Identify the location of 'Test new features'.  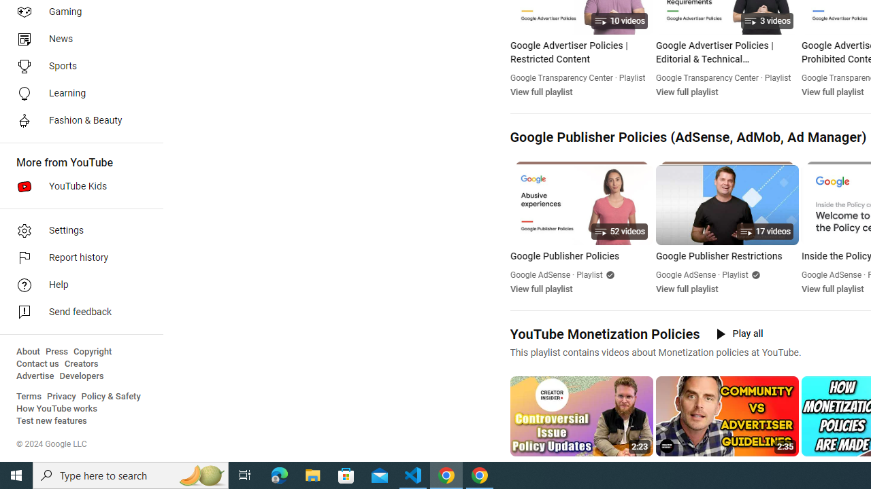
(52, 420).